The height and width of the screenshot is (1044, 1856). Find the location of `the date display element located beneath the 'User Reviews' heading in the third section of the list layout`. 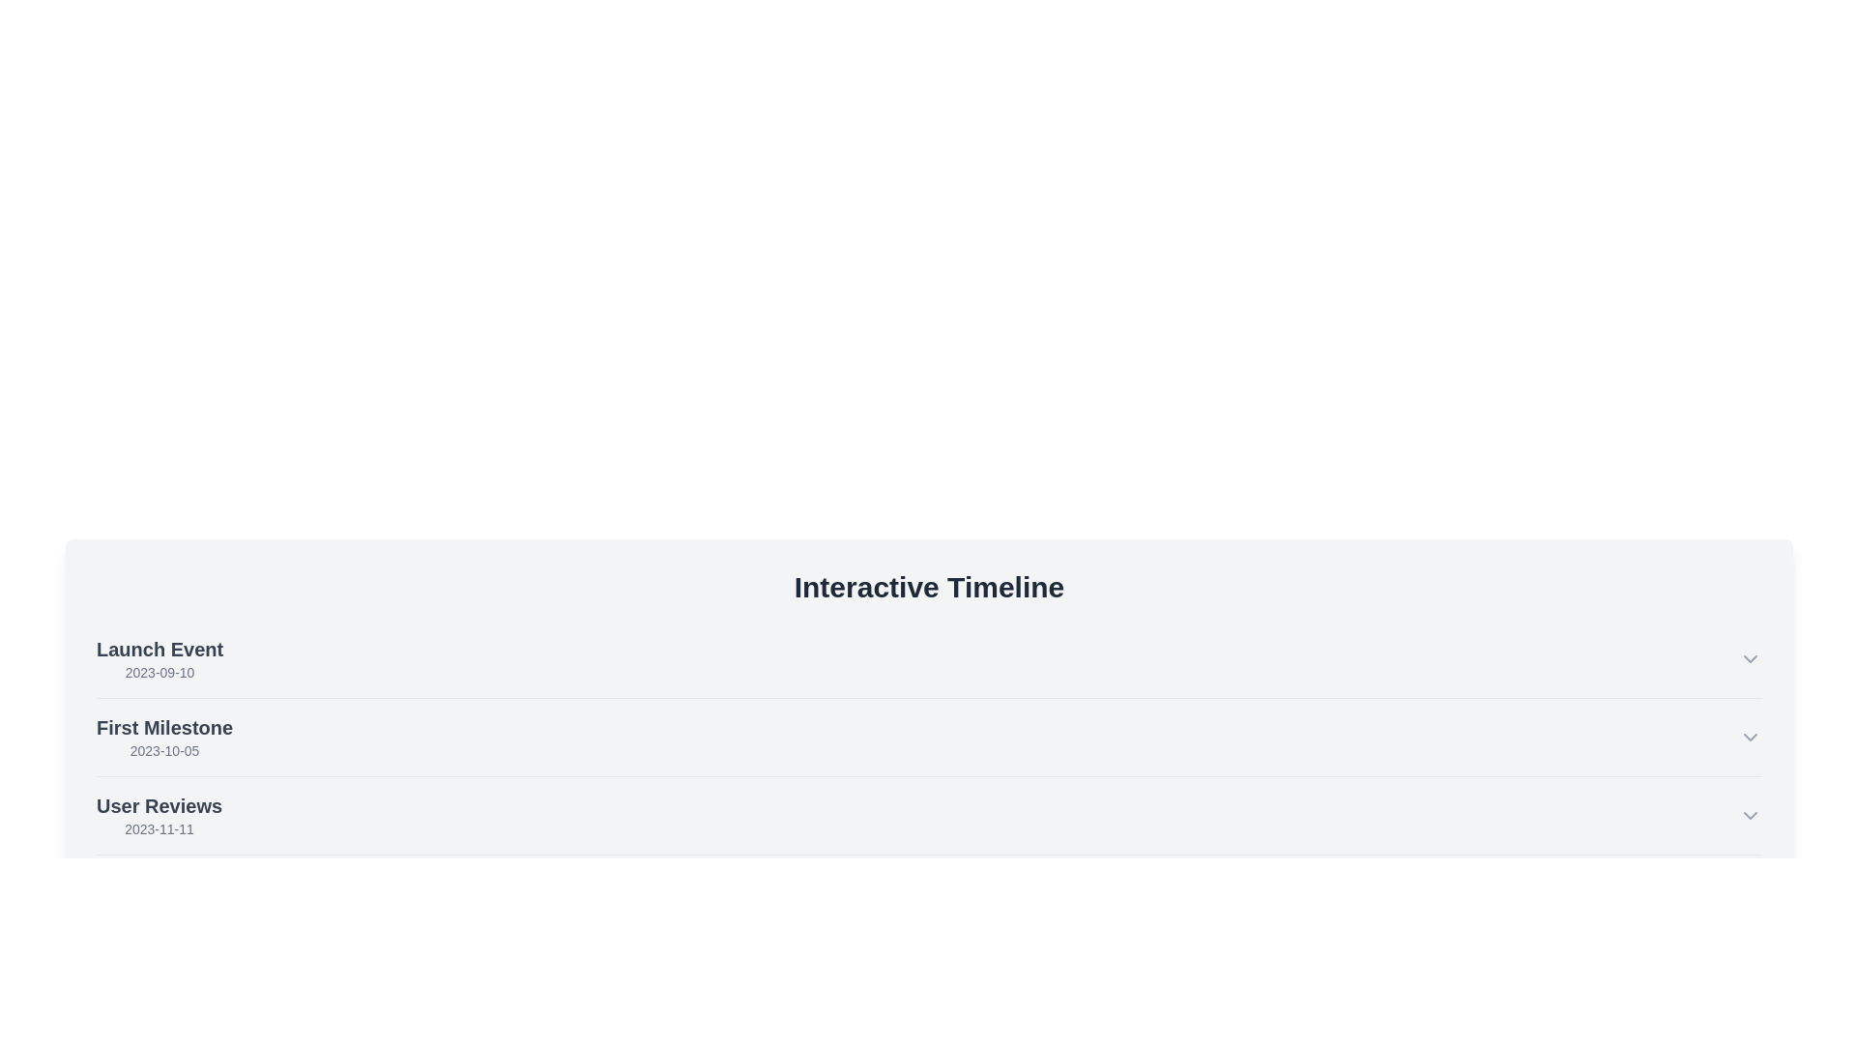

the date display element located beneath the 'User Reviews' heading in the third section of the list layout is located at coordinates (159, 827).